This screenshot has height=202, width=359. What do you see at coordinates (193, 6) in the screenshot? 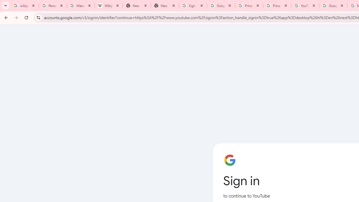
I see `'Sign in - Google Accounts'` at bounding box center [193, 6].